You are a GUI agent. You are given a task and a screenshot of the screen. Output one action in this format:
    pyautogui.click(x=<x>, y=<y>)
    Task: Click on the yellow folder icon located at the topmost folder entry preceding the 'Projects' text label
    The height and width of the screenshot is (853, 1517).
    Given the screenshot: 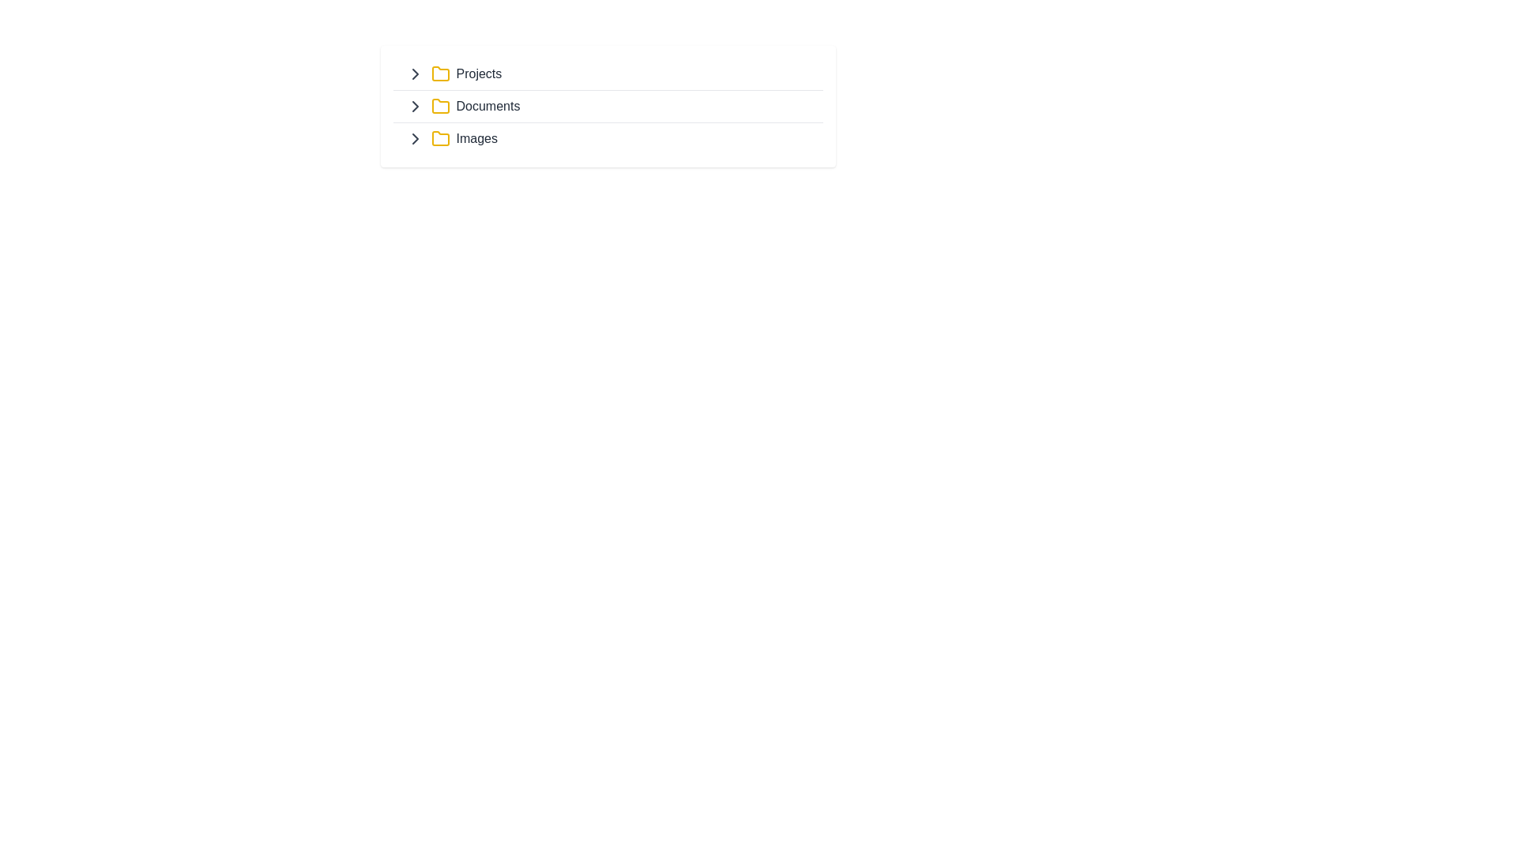 What is the action you would take?
    pyautogui.click(x=440, y=73)
    